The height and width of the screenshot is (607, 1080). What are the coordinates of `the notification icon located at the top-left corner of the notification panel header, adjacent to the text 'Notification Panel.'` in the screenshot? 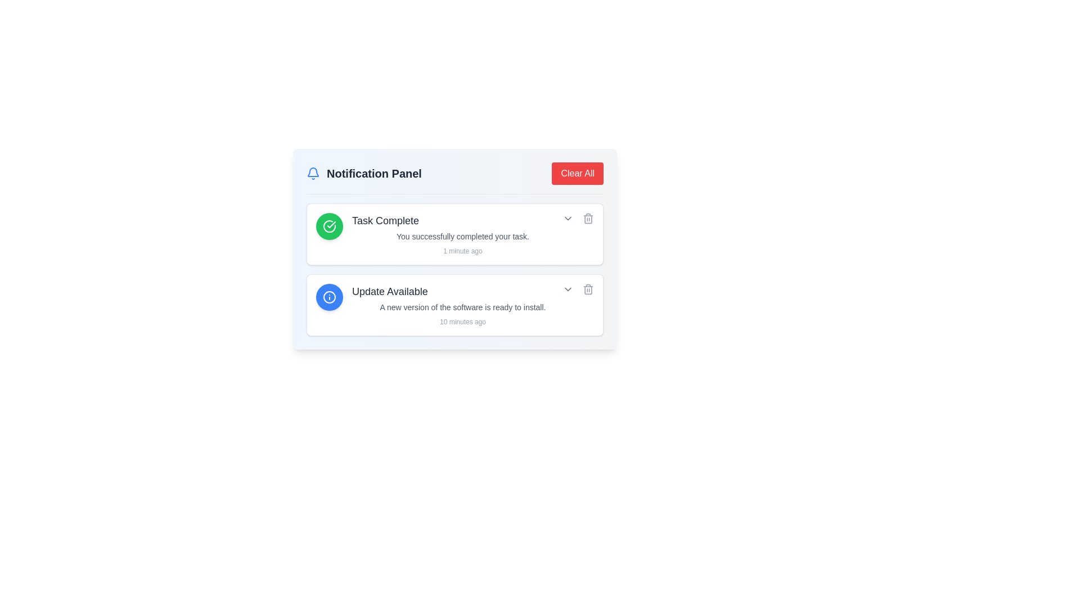 It's located at (313, 172).